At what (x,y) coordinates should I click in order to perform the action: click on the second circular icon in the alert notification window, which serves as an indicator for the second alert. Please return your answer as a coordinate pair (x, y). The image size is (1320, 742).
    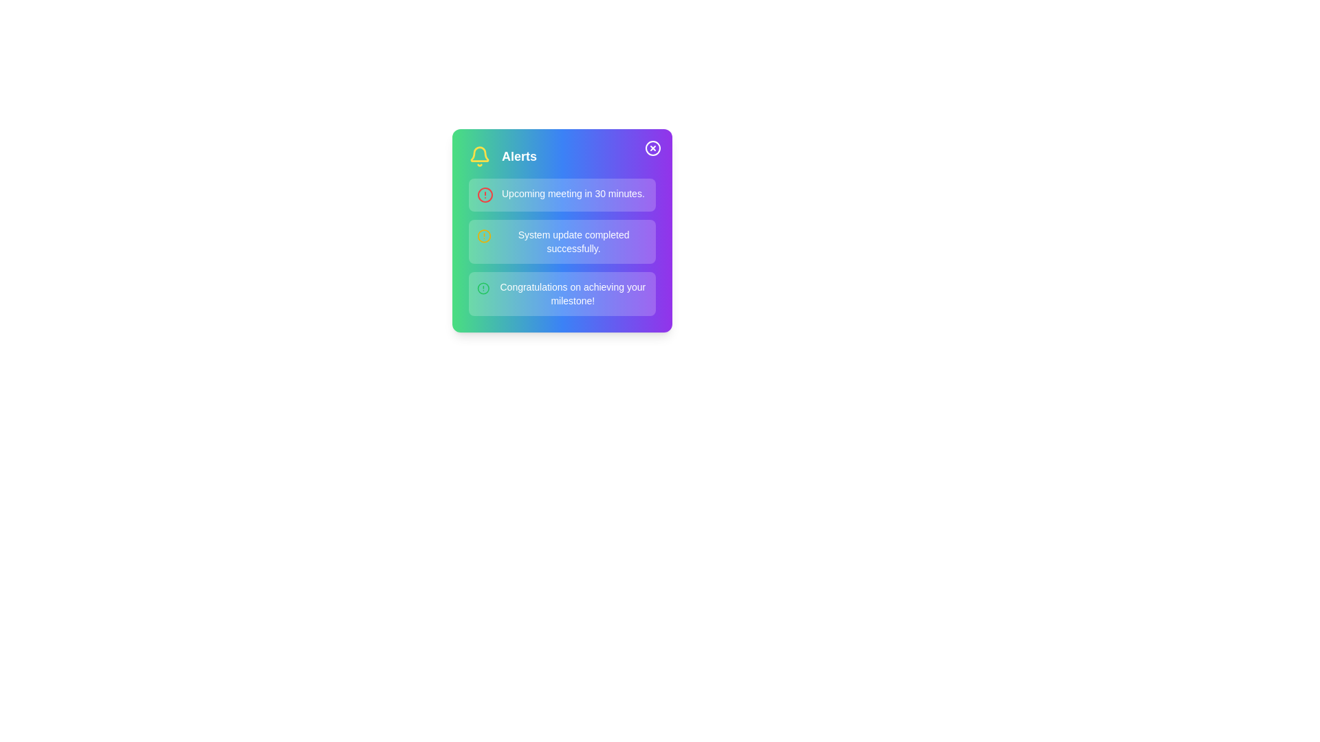
    Looking at the image, I should click on (484, 235).